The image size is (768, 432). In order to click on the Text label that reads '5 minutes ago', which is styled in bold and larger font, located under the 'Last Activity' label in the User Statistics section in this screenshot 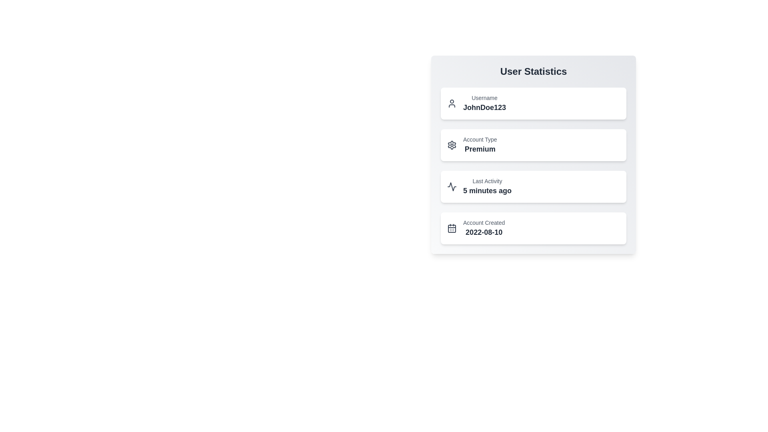, I will do `click(487, 191)`.